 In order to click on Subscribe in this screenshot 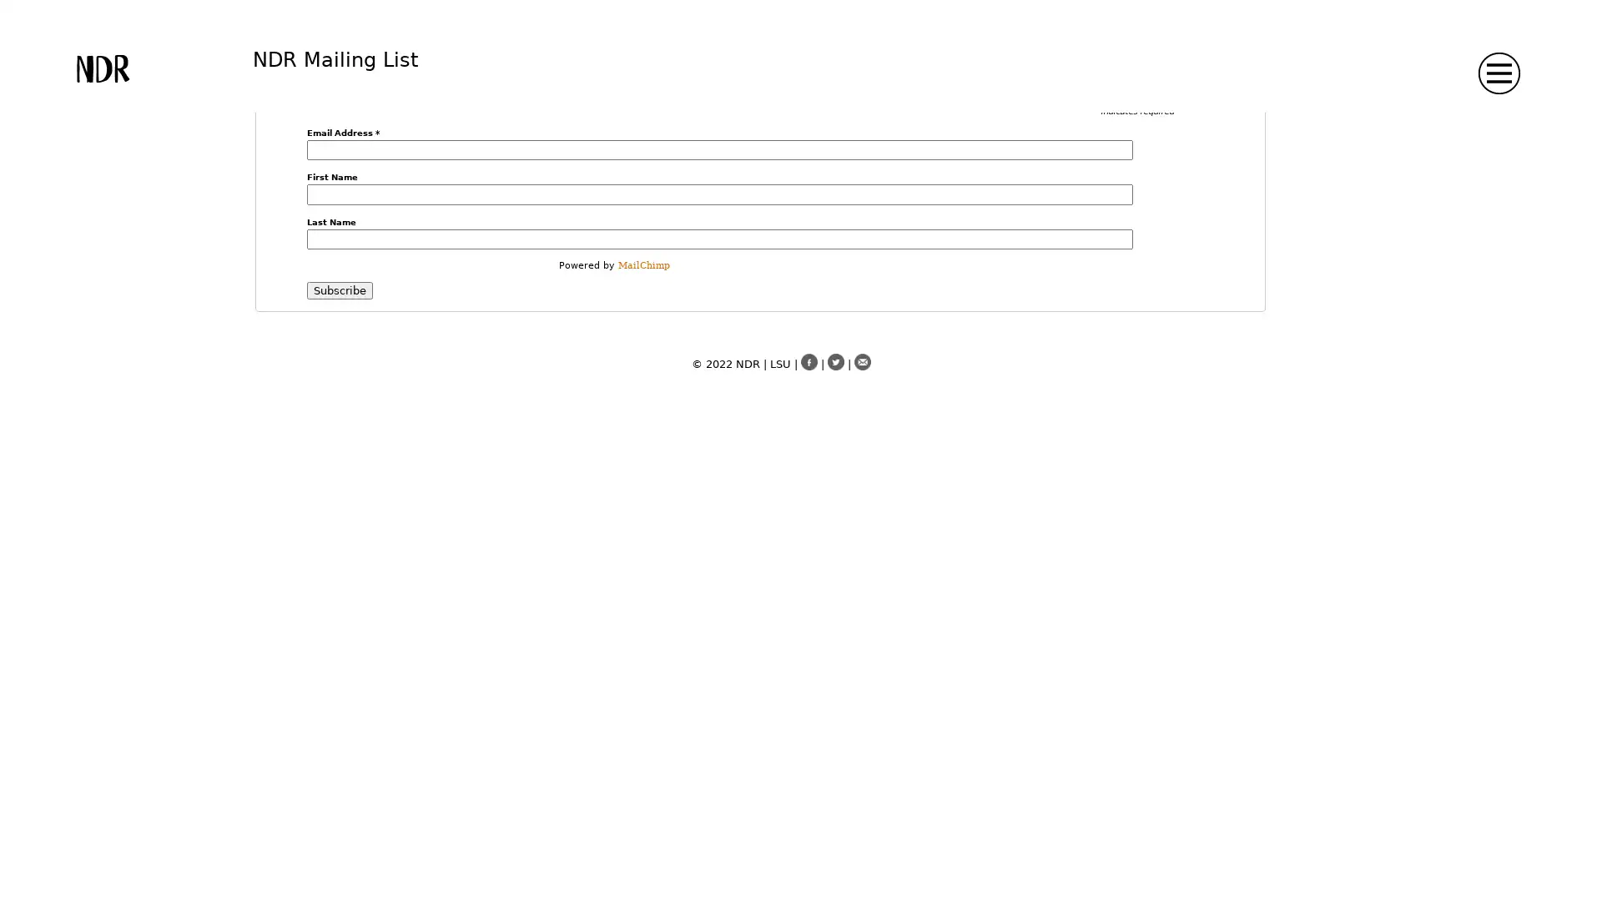, I will do `click(338, 289)`.